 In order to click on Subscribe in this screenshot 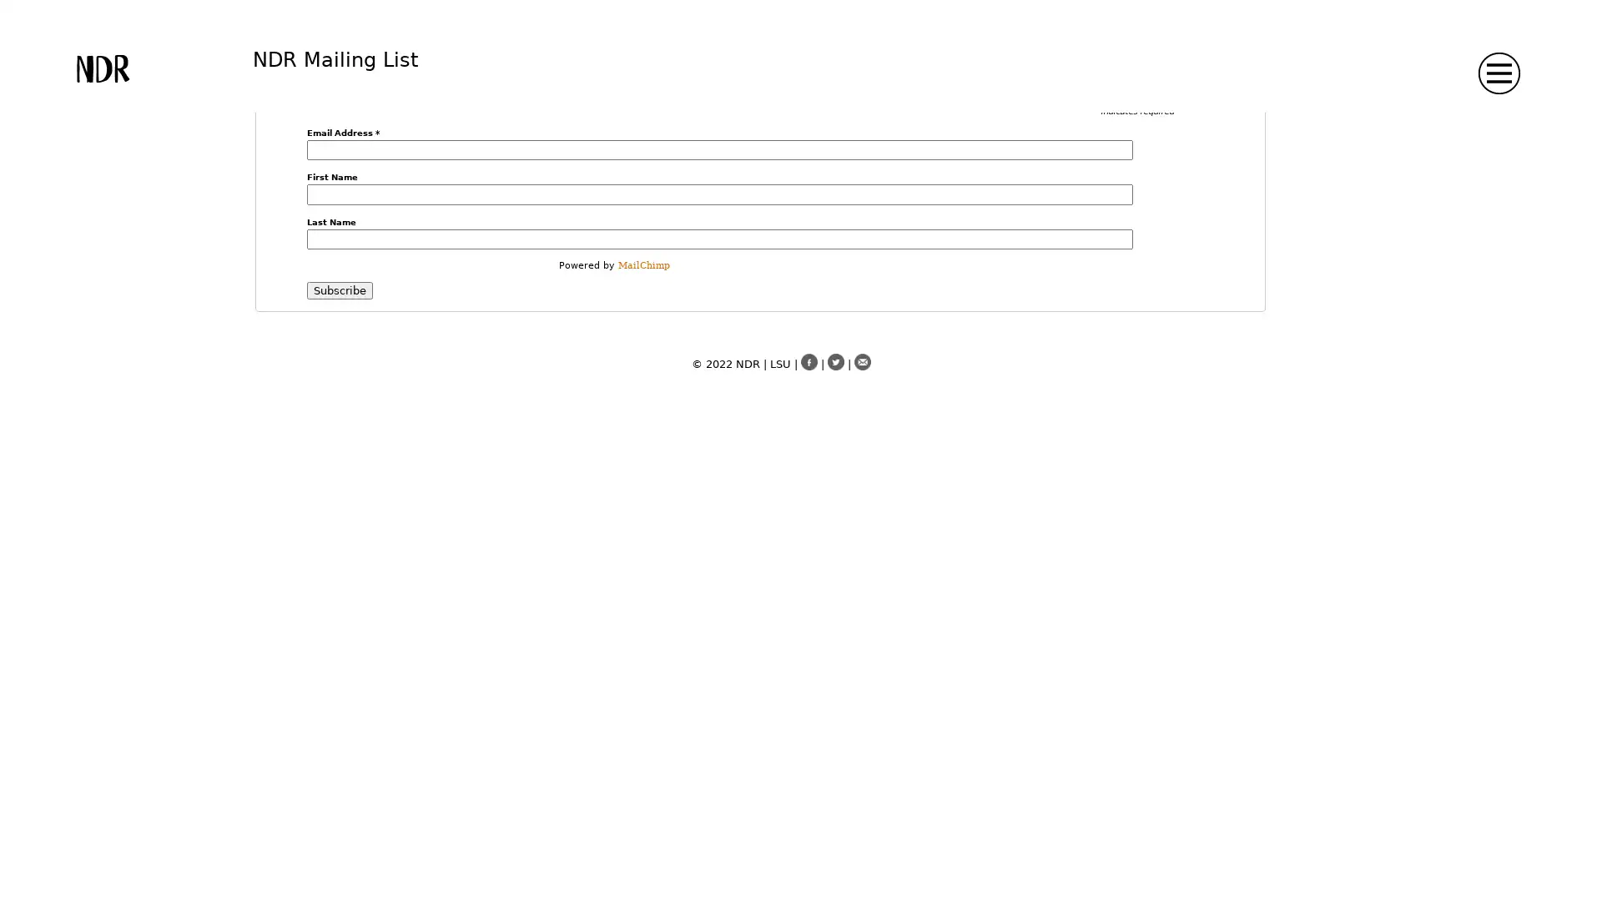, I will do `click(338, 289)`.